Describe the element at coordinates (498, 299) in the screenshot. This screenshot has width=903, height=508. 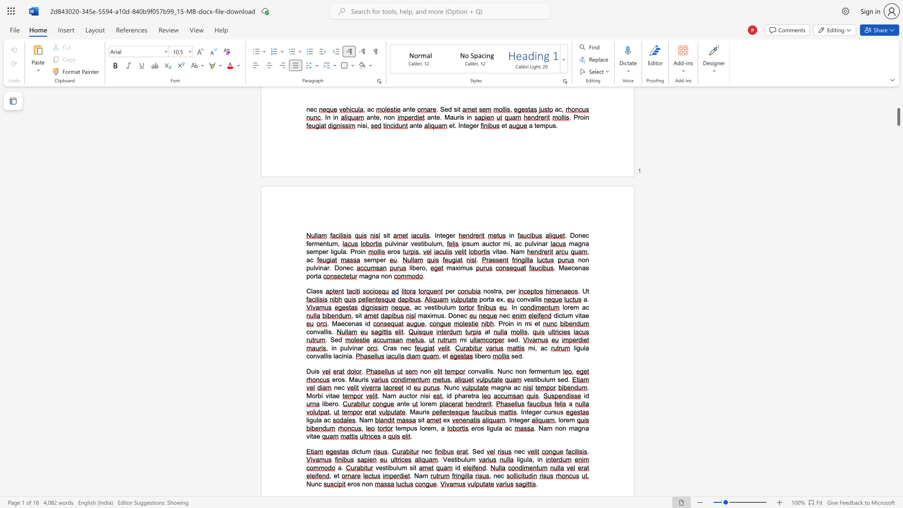
I see `the 1th character "e" in the text` at that location.